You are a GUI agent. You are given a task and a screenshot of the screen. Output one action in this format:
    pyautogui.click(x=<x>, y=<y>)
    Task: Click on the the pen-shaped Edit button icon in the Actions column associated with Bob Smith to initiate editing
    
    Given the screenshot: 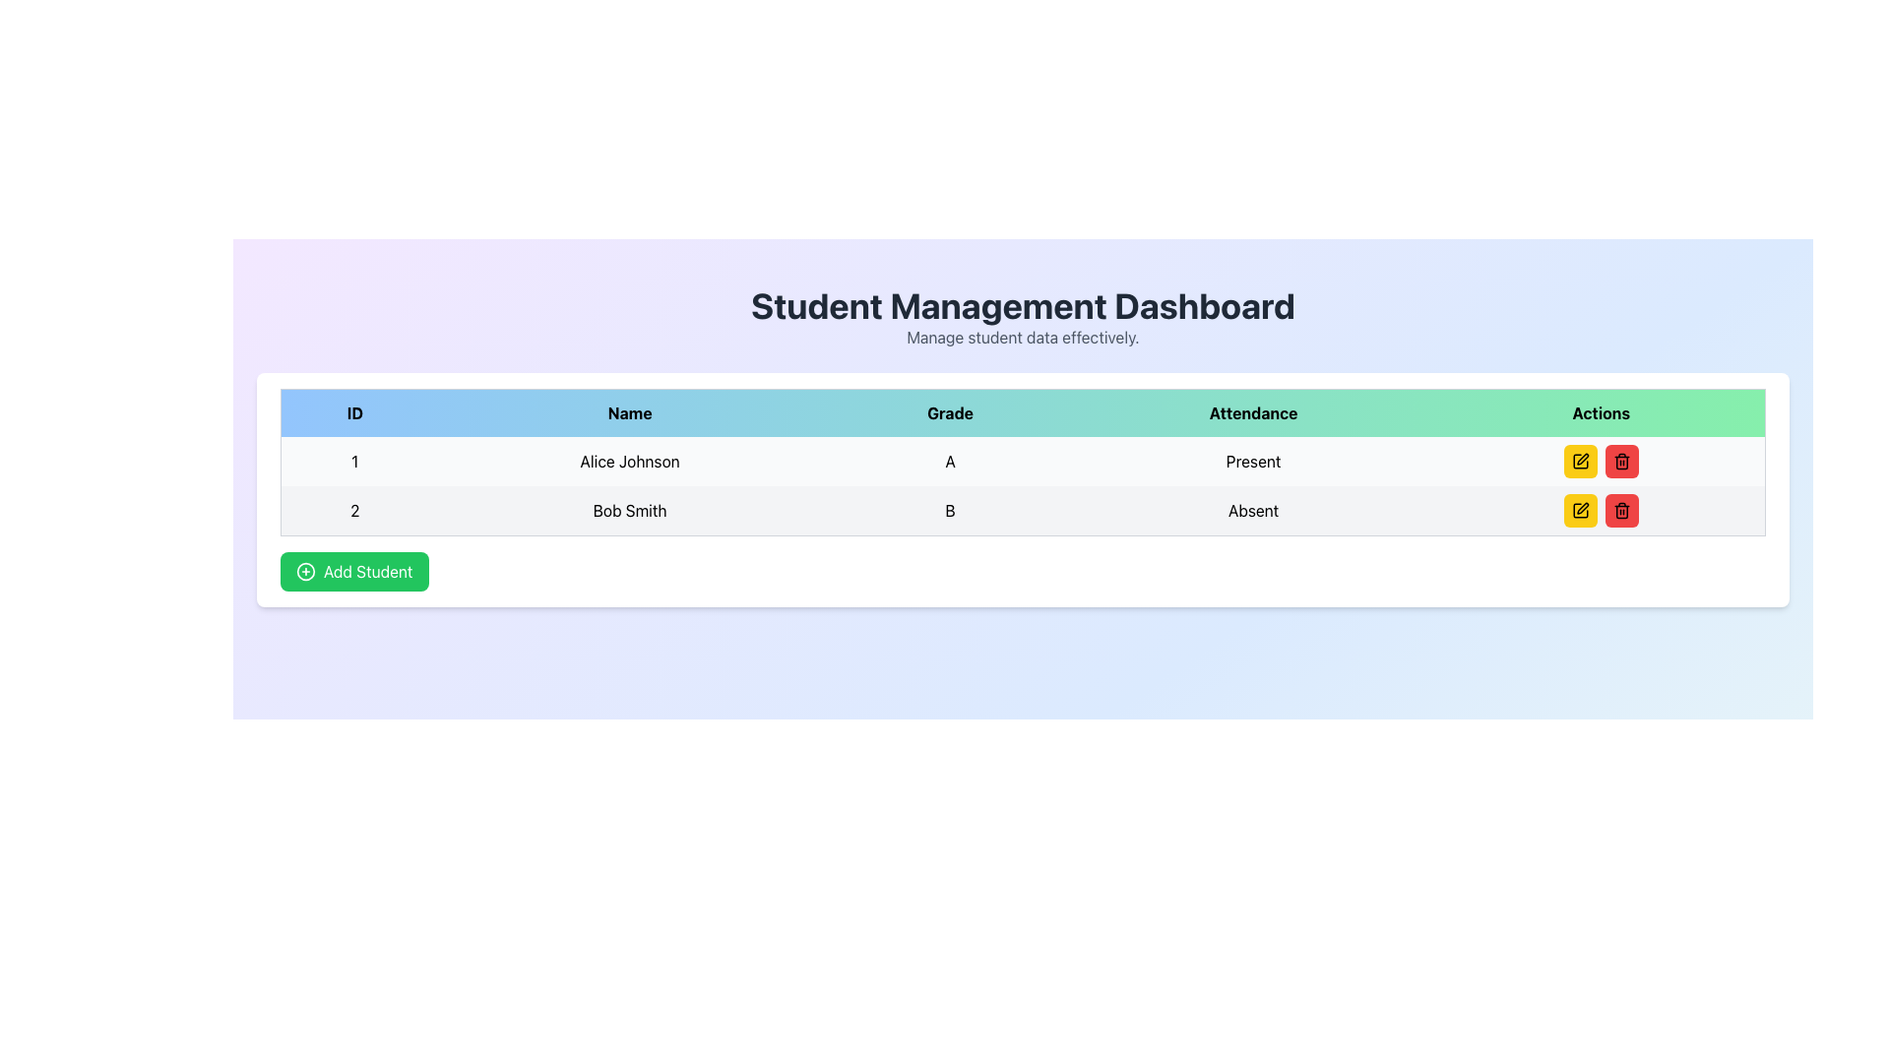 What is the action you would take?
    pyautogui.click(x=1583, y=459)
    